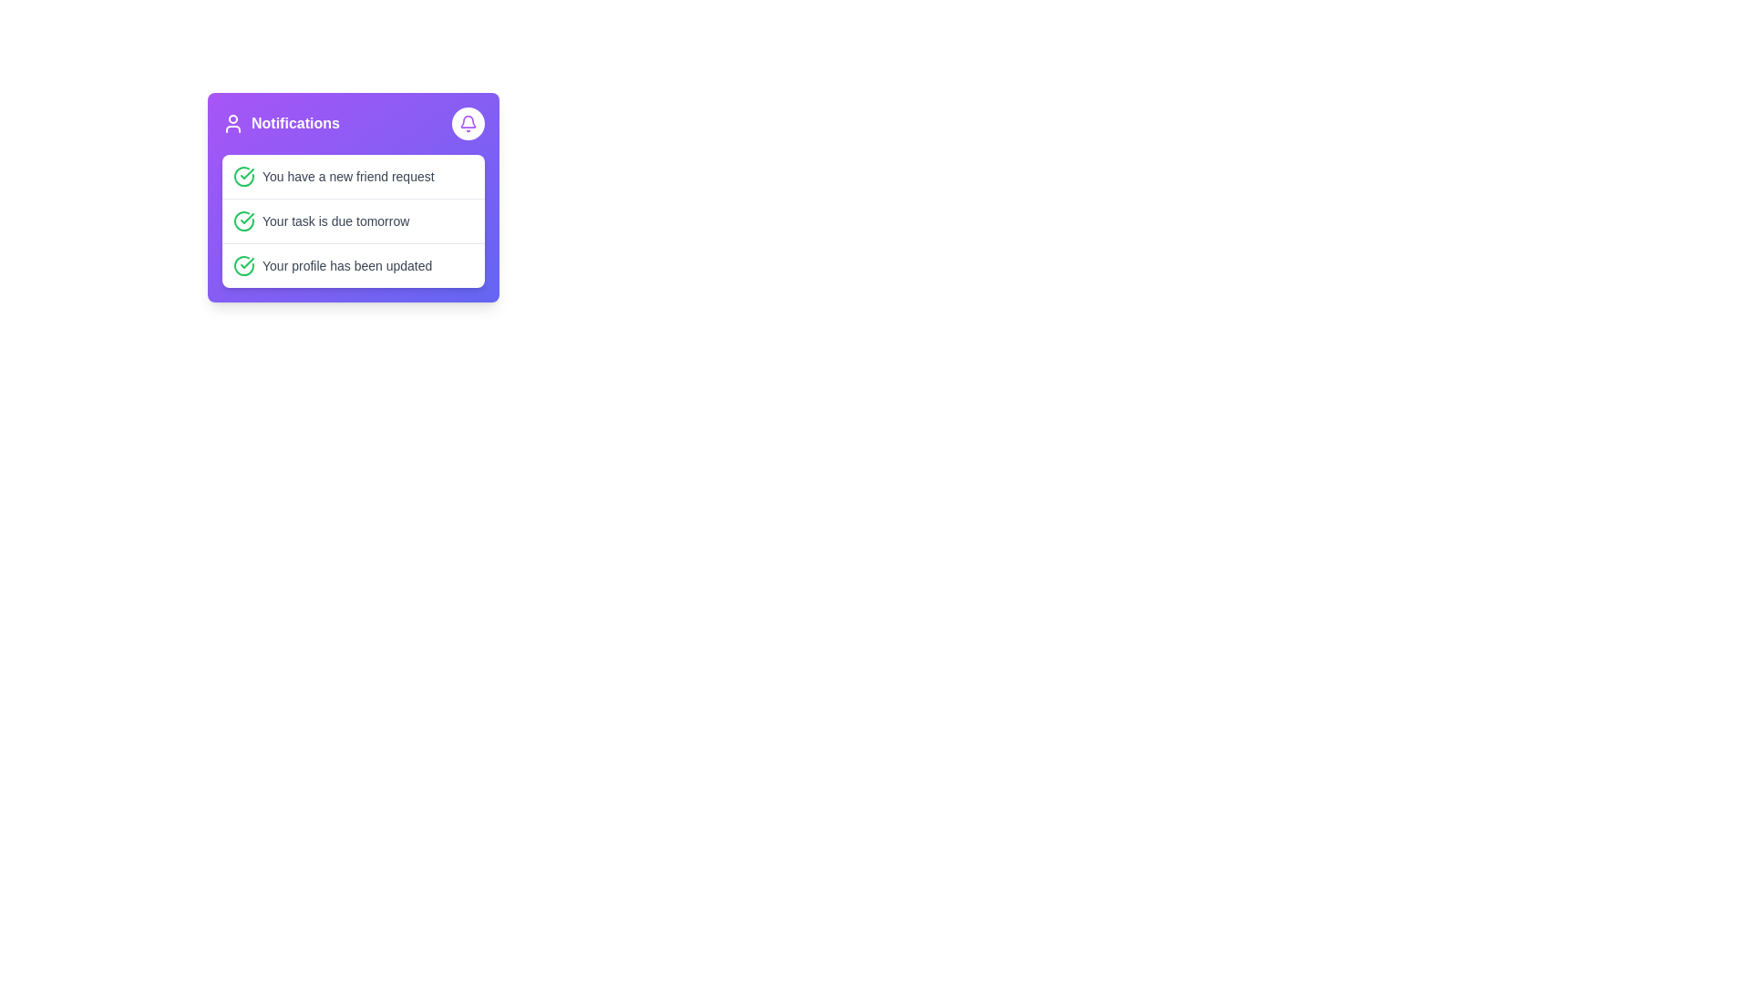 This screenshot has height=984, width=1750. Describe the element at coordinates (280, 123) in the screenshot. I see `the text label indicating that the panel is related to notifications, which is positioned in the upper-left section of the purple header area and is to the left of a bell icon` at that location.